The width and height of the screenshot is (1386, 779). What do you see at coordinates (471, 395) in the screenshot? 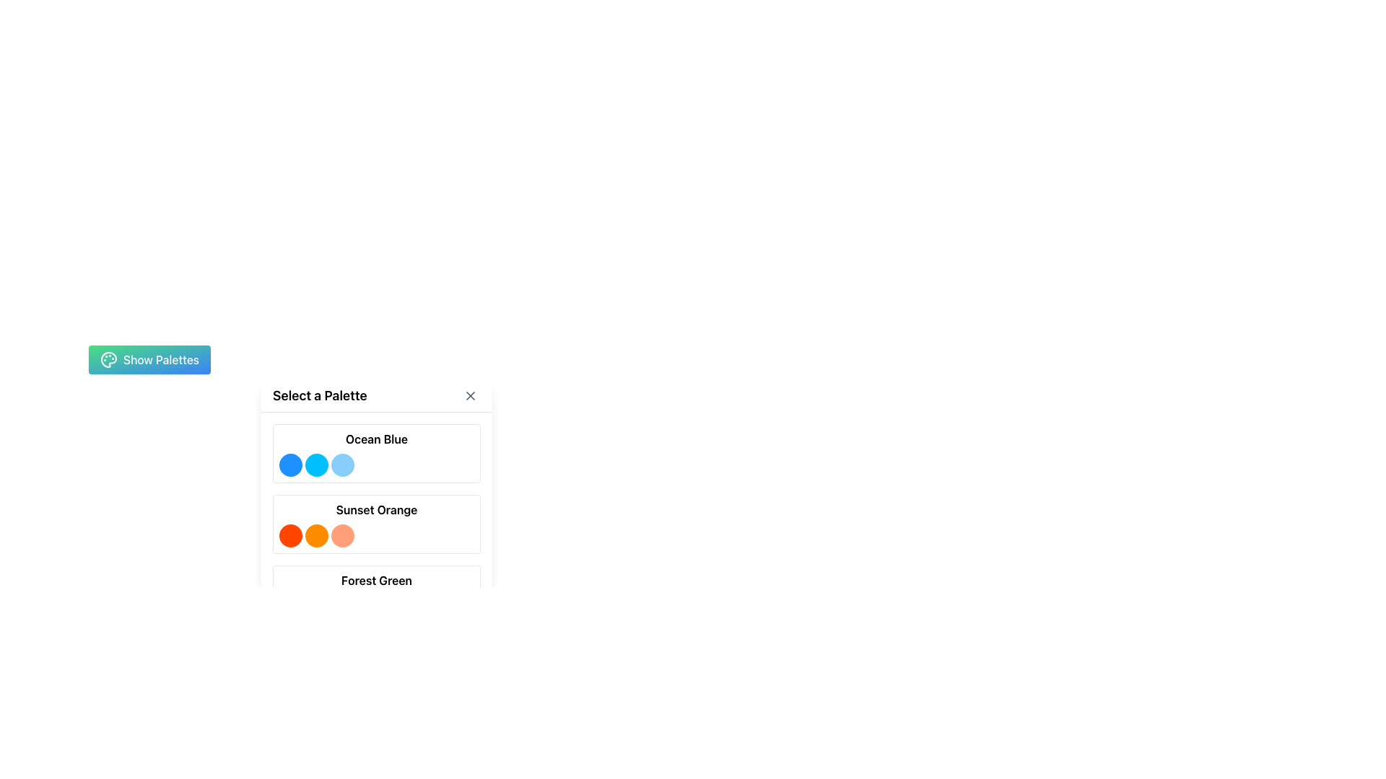
I see `the close button located at the far right of the 'Select a Palette' panel` at bounding box center [471, 395].